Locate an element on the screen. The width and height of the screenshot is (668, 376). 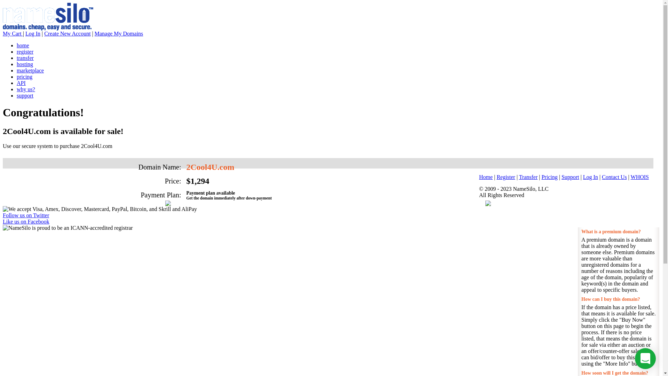
'API' is located at coordinates (21, 83).